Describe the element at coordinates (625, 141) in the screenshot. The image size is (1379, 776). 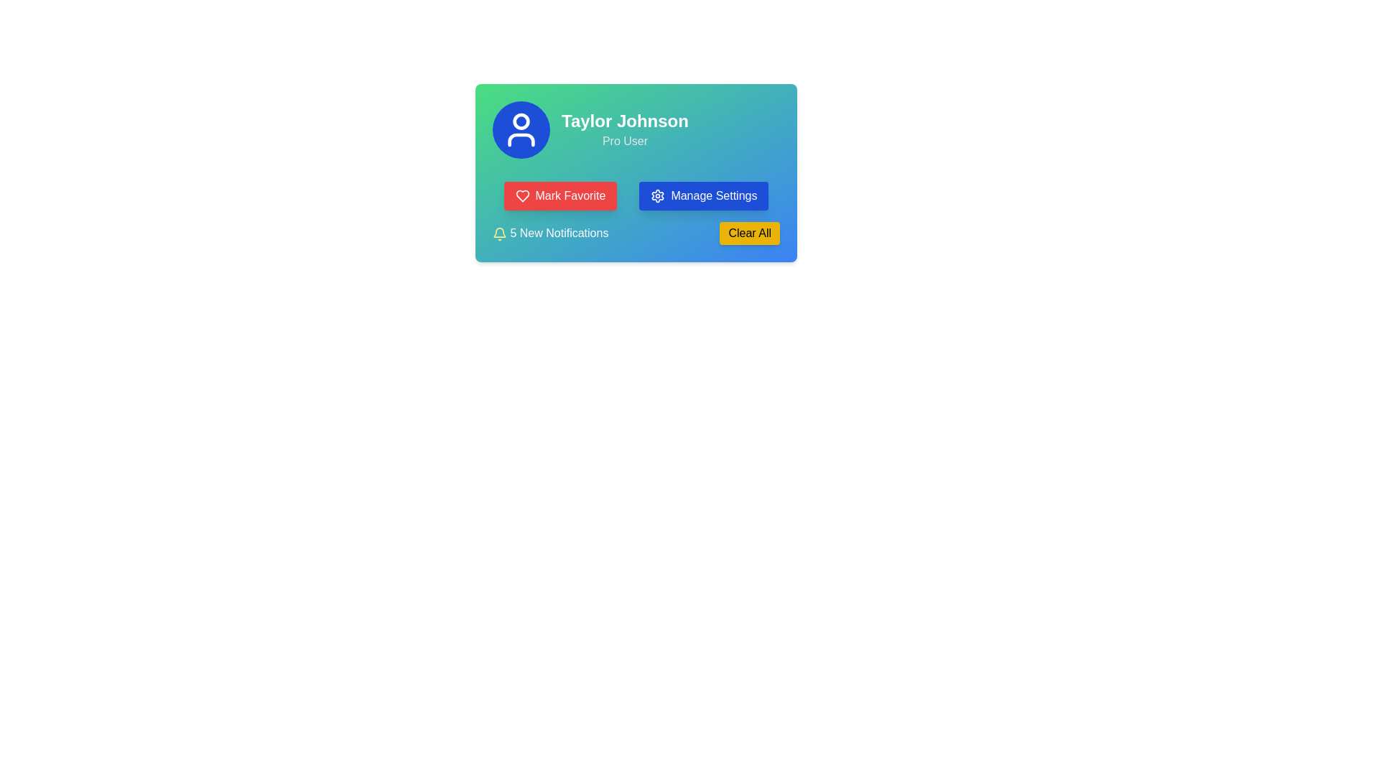
I see `the 'Pro User' label, which is styled in light-colored text and positioned below the 'Taylor Johnson' label, indicating a status display` at that location.